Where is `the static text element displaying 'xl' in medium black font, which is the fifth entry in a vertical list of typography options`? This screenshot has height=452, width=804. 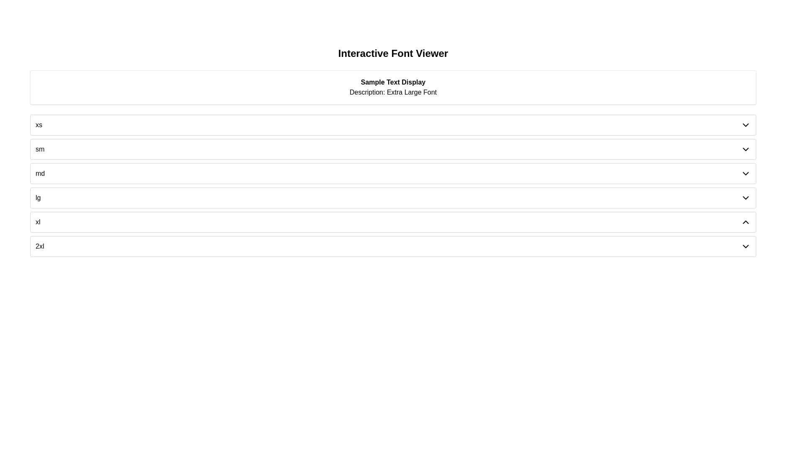
the static text element displaying 'xl' in medium black font, which is the fifth entry in a vertical list of typography options is located at coordinates (37, 222).